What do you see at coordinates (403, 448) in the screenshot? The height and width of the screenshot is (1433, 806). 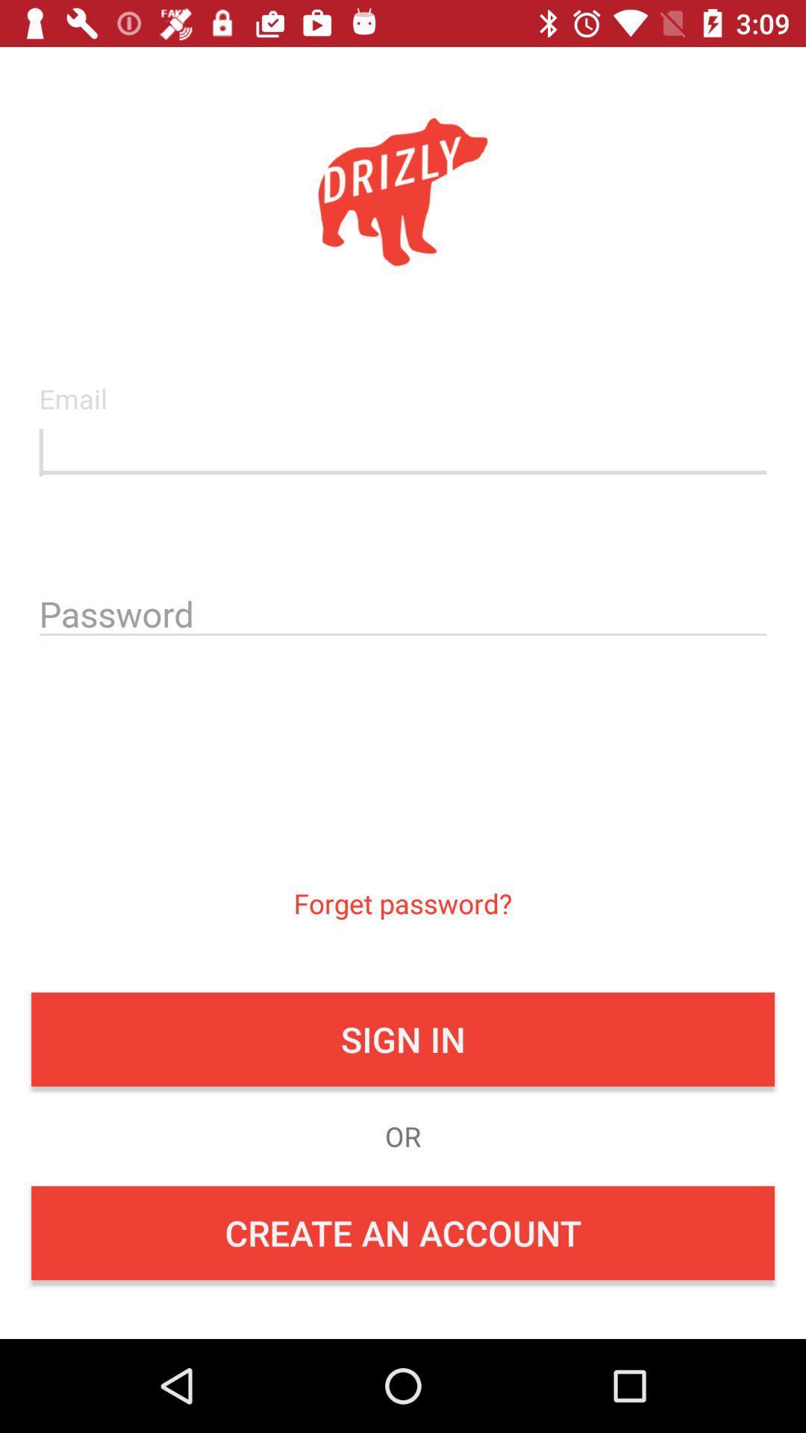 I see `email input box` at bounding box center [403, 448].